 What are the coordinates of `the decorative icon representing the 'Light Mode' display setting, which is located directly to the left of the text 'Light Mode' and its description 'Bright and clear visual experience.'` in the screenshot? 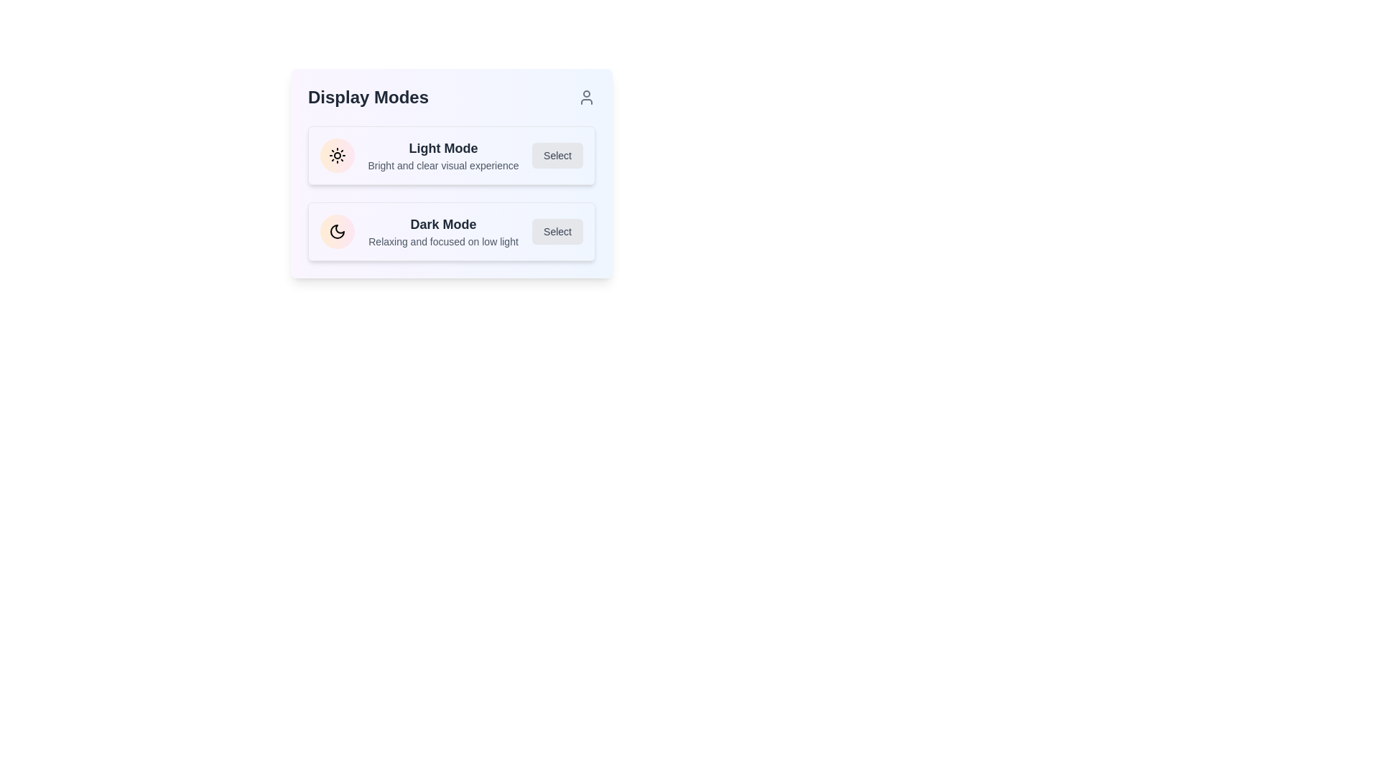 It's located at (337, 155).